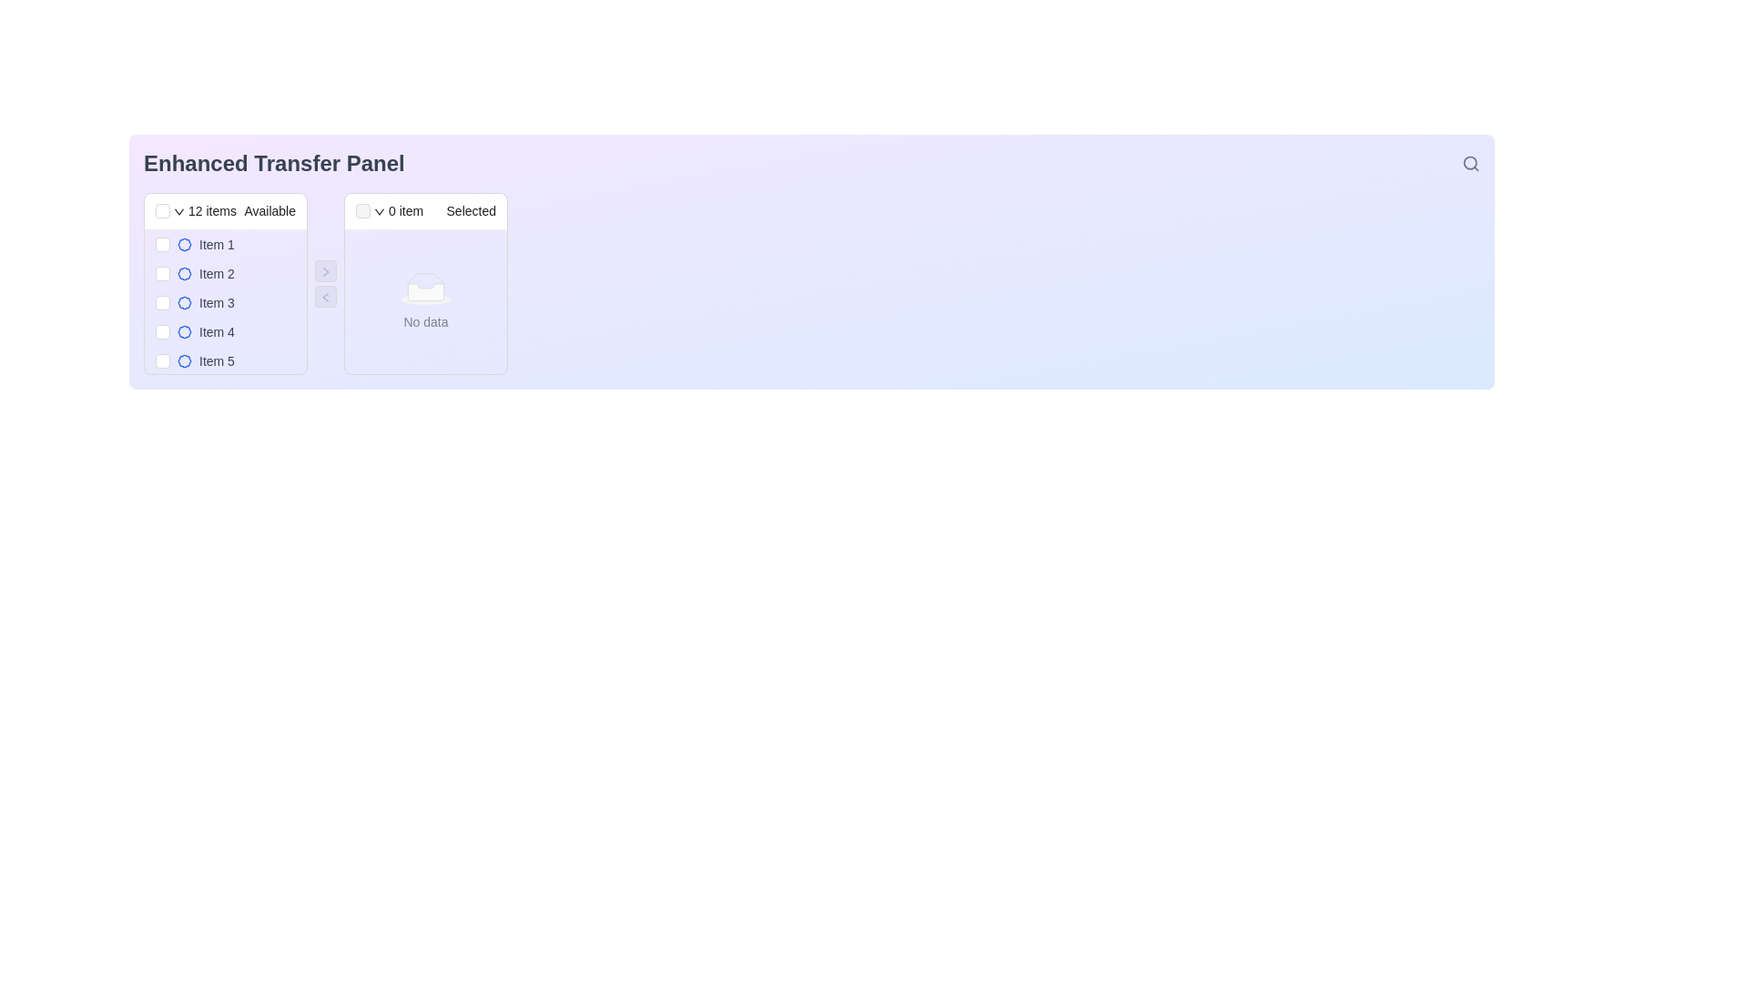 The height and width of the screenshot is (983, 1748). I want to click on the Dropdown trigger icon, which is a small downward pointing arrow adjacent to the text '12 items Available' in the header of the left-hand list, so click(178, 210).